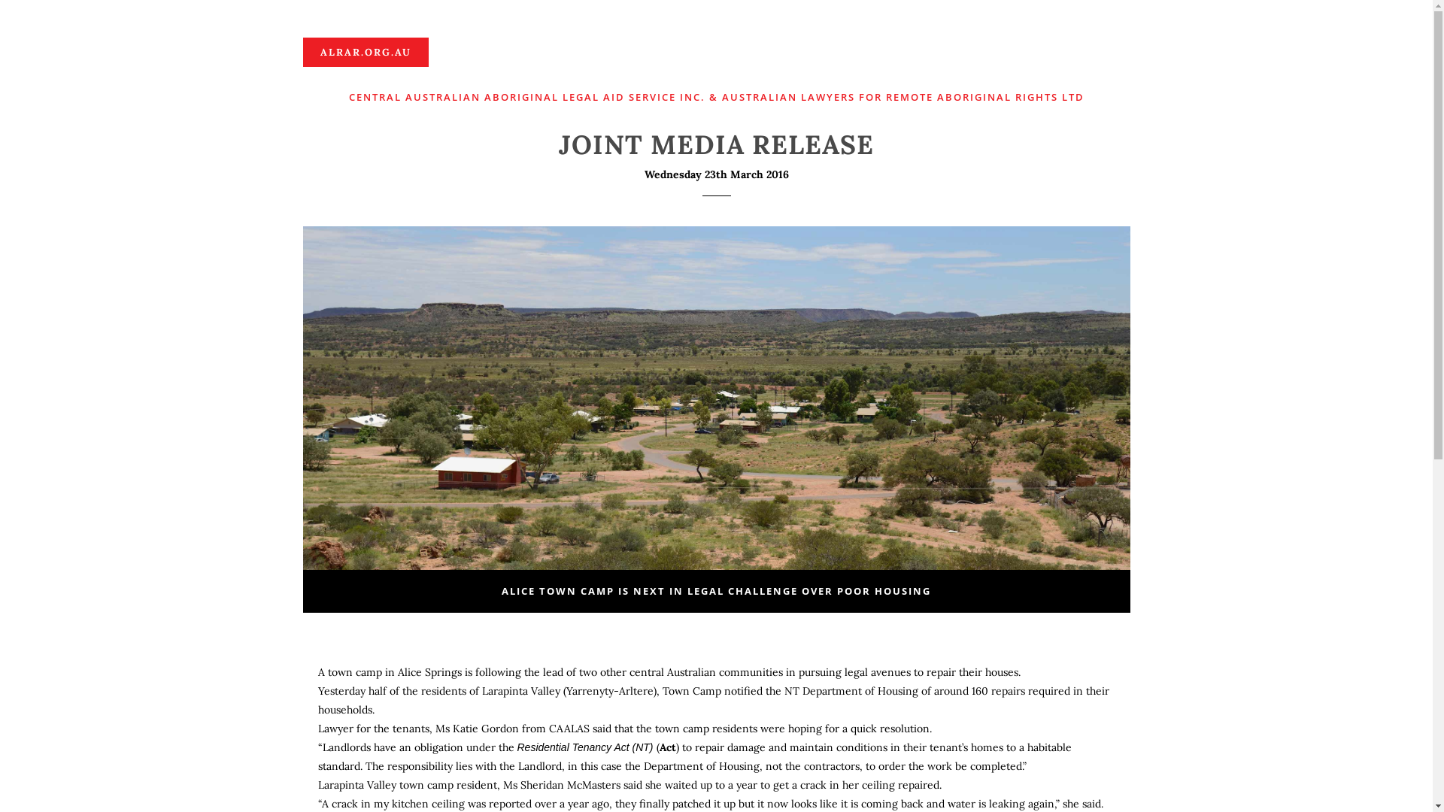 The height and width of the screenshot is (812, 1444). Describe the element at coordinates (302, 51) in the screenshot. I see `'ALRAR.ORG.AU'` at that location.